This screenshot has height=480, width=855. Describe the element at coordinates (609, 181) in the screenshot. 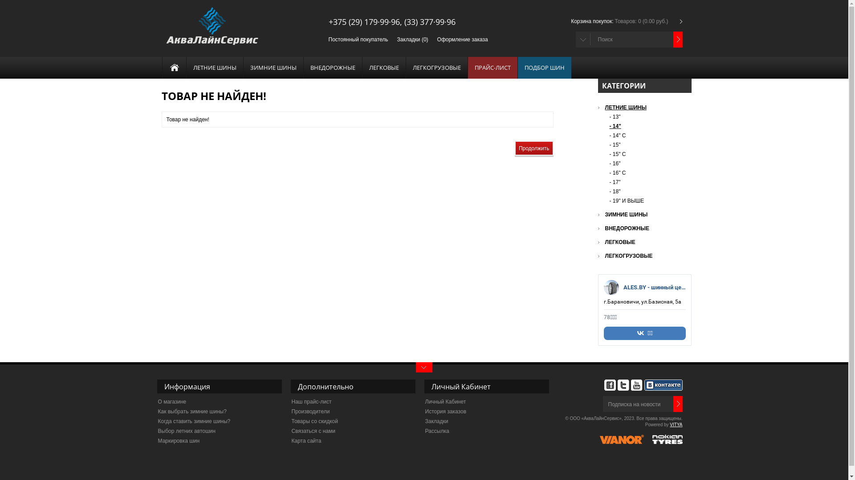

I see `'- 17"'` at that location.